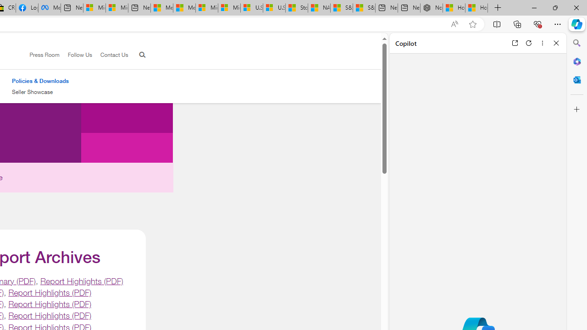 The height and width of the screenshot is (330, 587). What do you see at coordinates (27, 8) in the screenshot?
I see `'Log into Facebook'` at bounding box center [27, 8].